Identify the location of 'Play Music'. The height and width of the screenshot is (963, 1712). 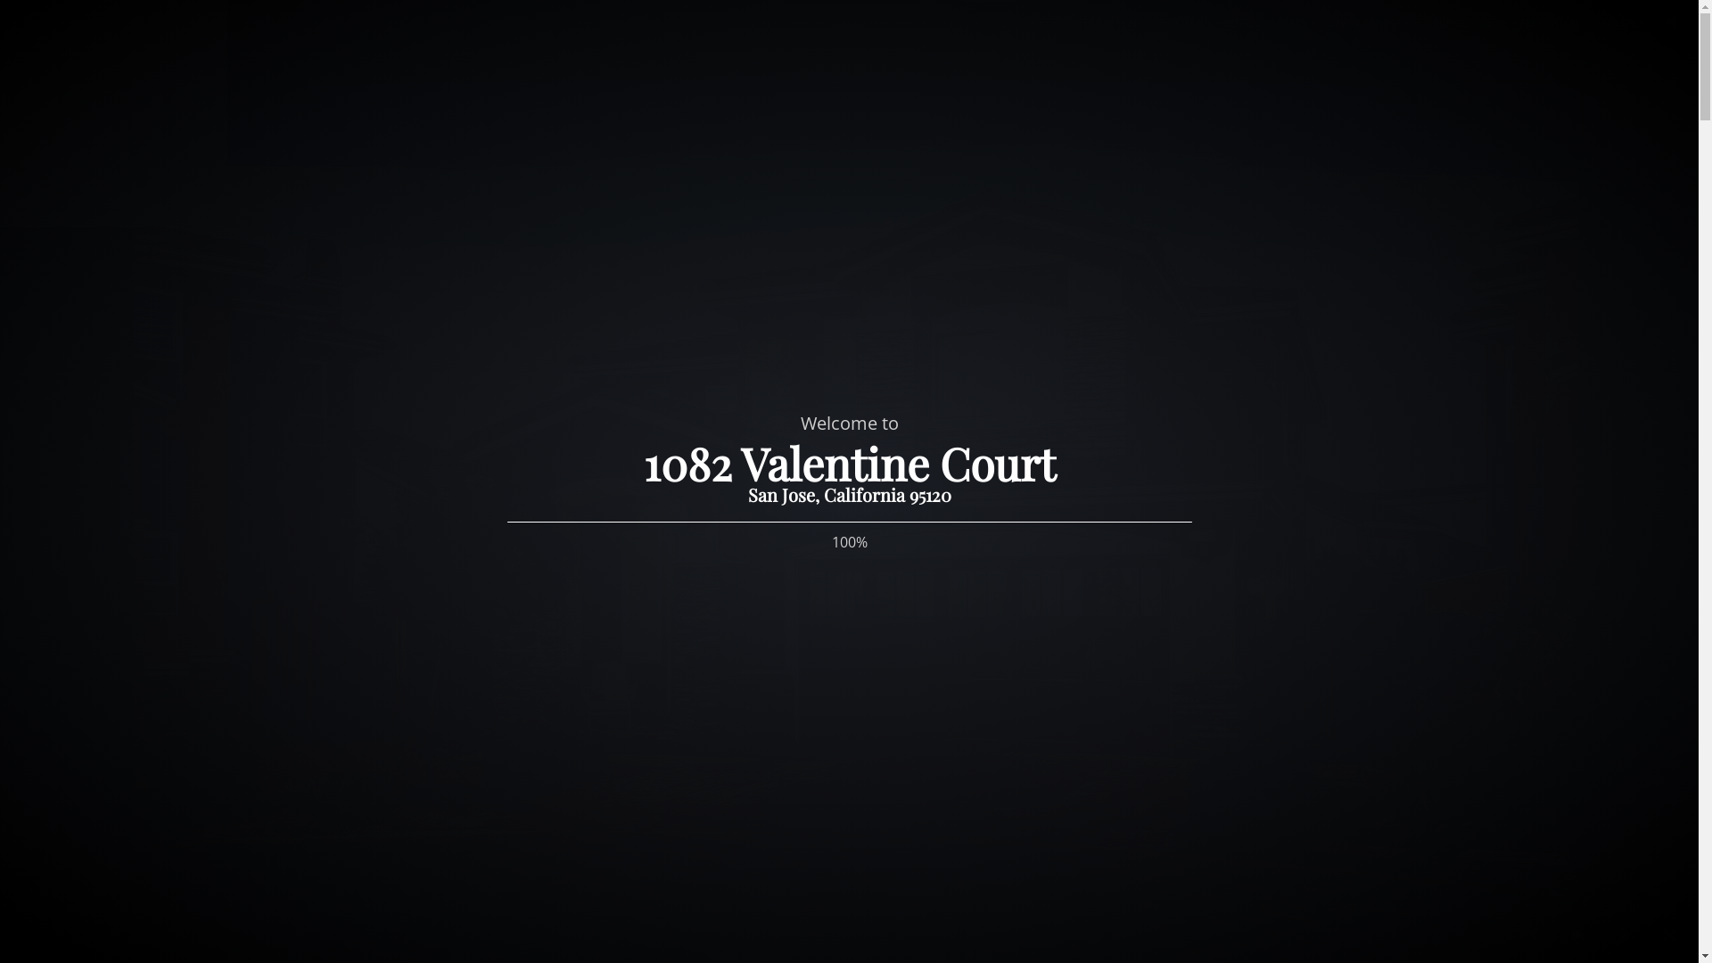
(1671, 24).